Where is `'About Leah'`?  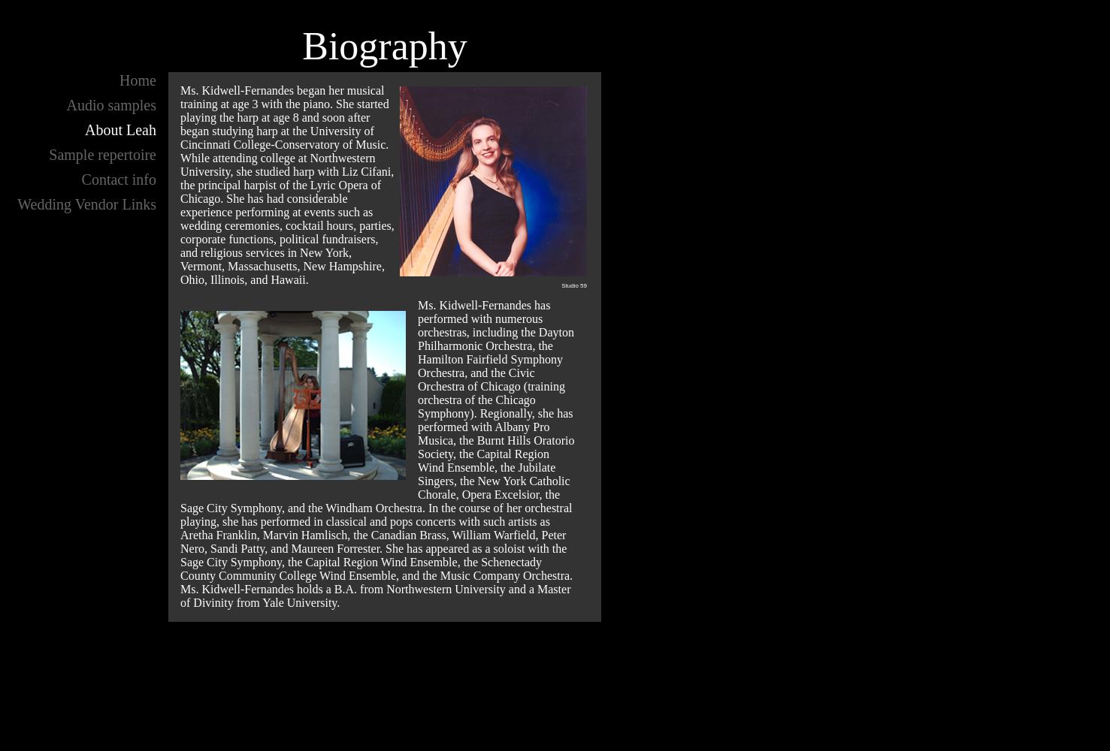
'About Leah' is located at coordinates (119, 130).